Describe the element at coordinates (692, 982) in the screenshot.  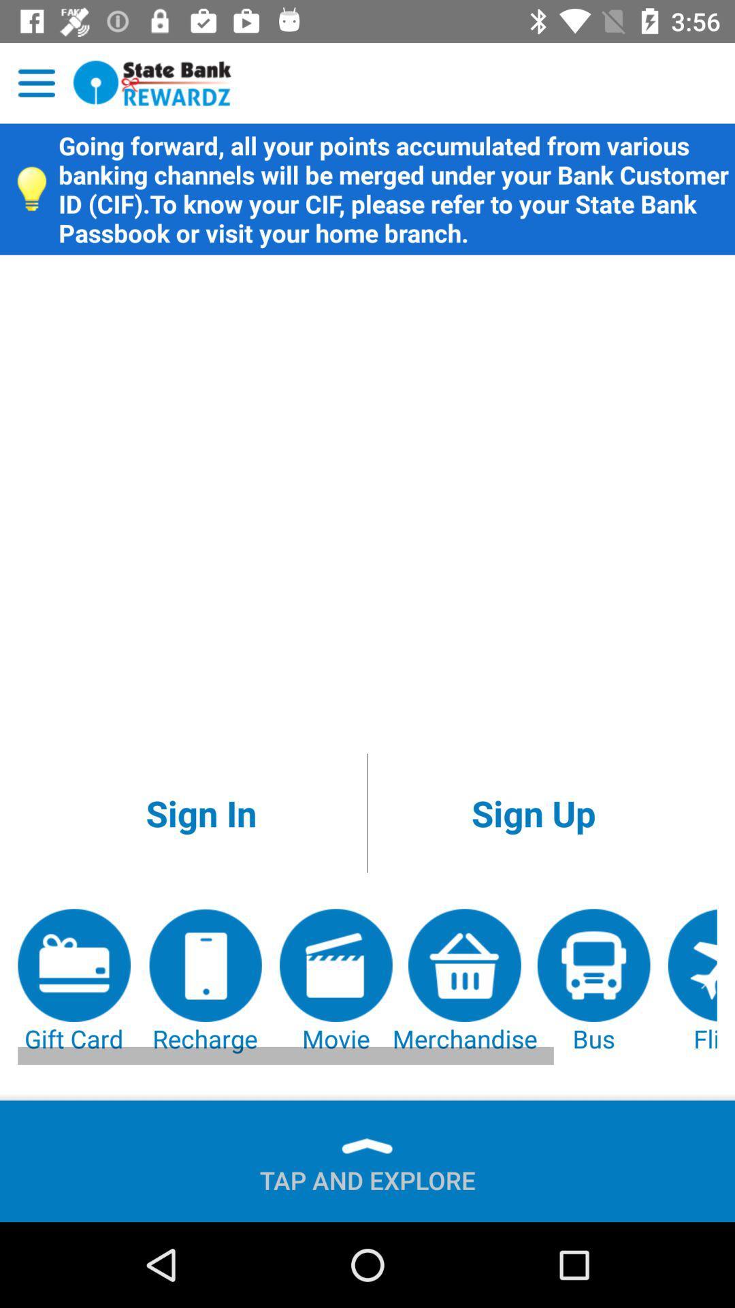
I see `the flight` at that location.